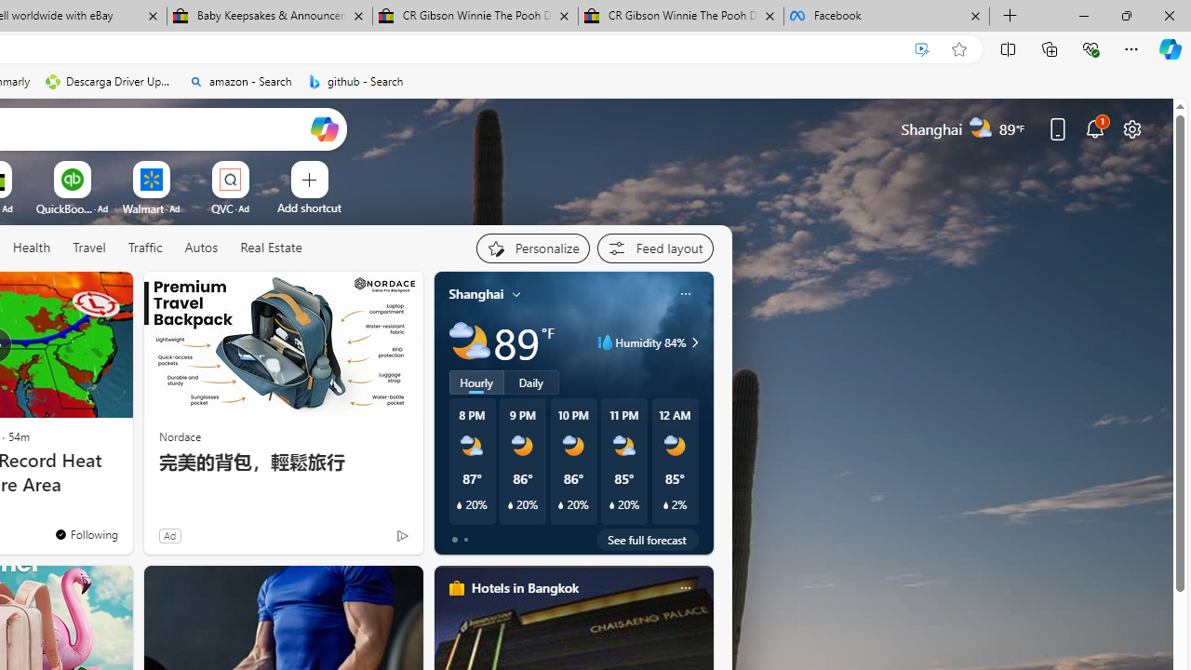 The image size is (1191, 670). Describe the element at coordinates (239, 81) in the screenshot. I see `'amazon - Search'` at that location.